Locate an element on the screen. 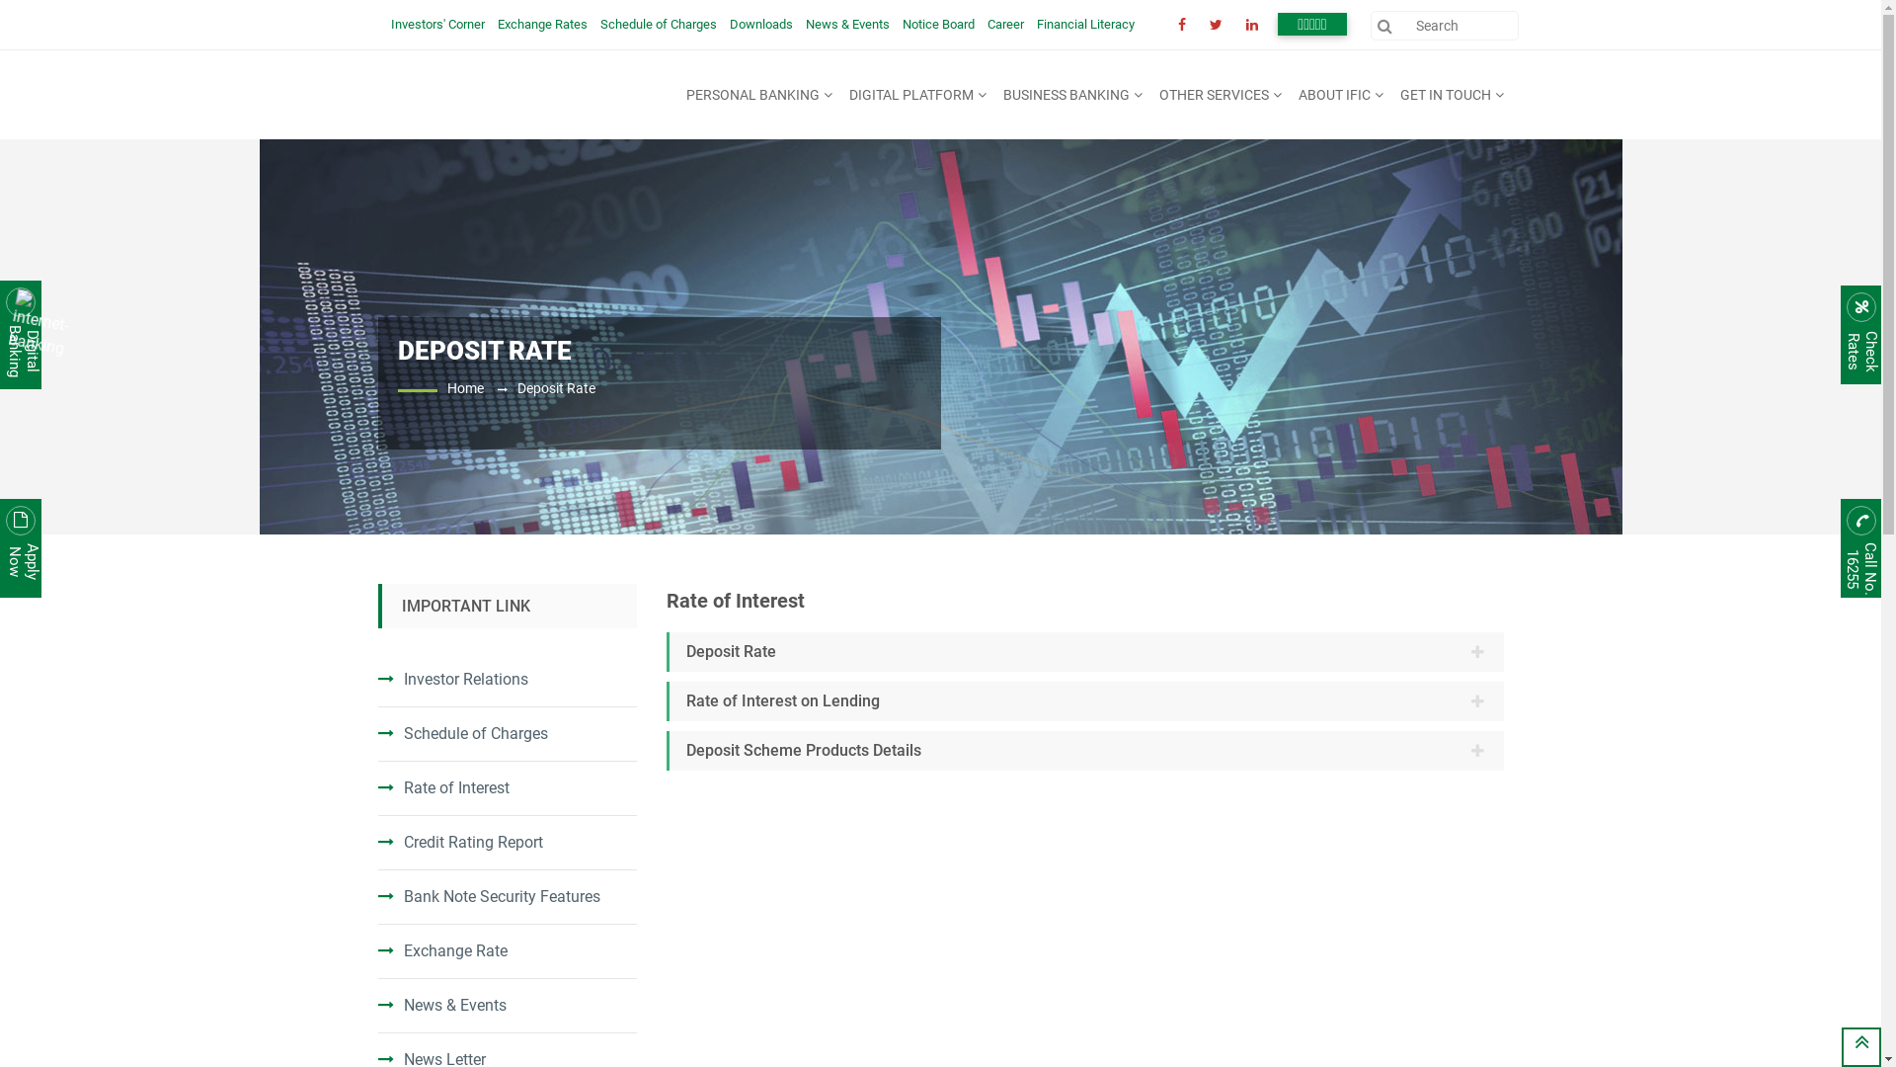 The image size is (1896, 1067). 'BUSINESS BANKING' is located at coordinates (1071, 95).